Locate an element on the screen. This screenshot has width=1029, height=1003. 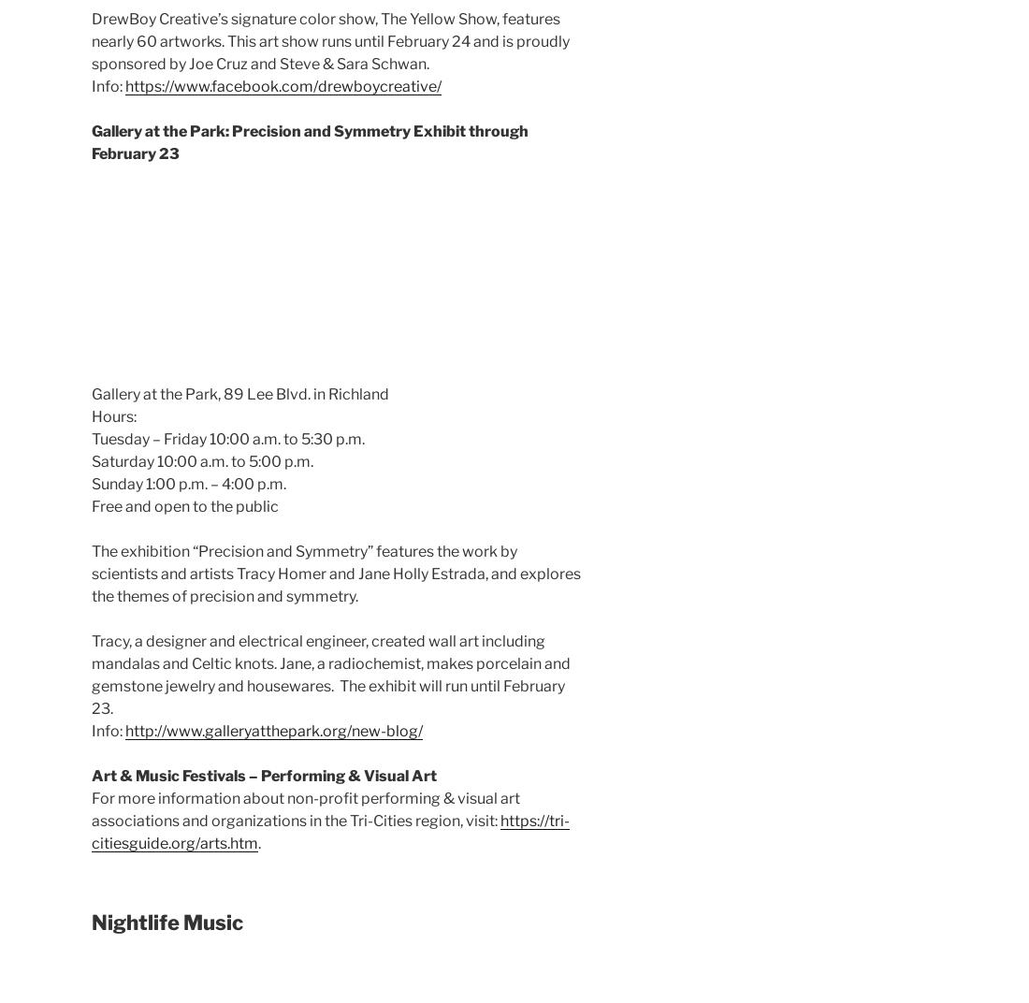
'https://tri-citiesguide.org/arts.htm' is located at coordinates (330, 831).